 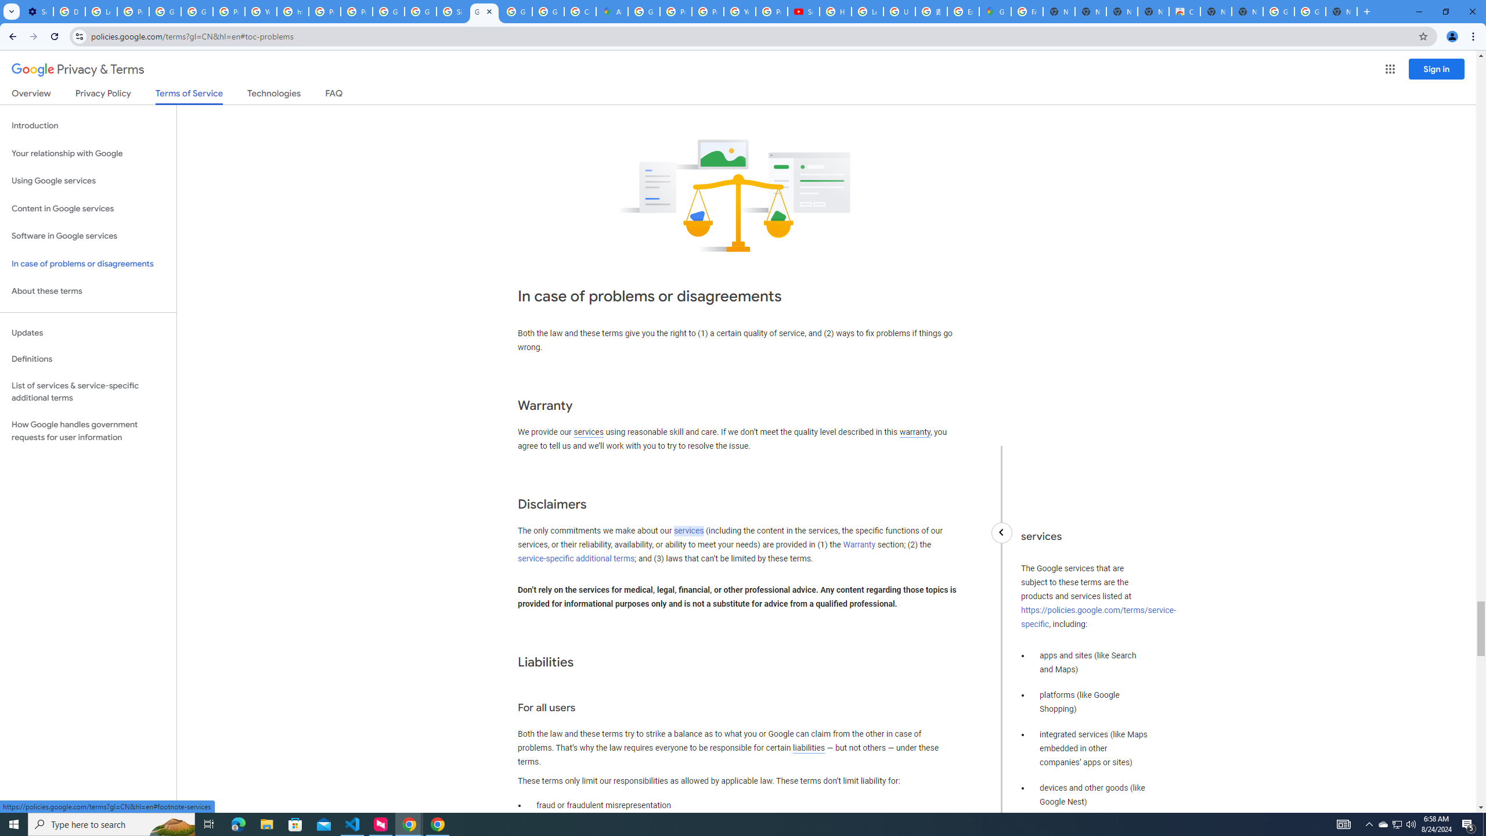 What do you see at coordinates (88, 431) in the screenshot?
I see `'How Google handles government requests for user information'` at bounding box center [88, 431].